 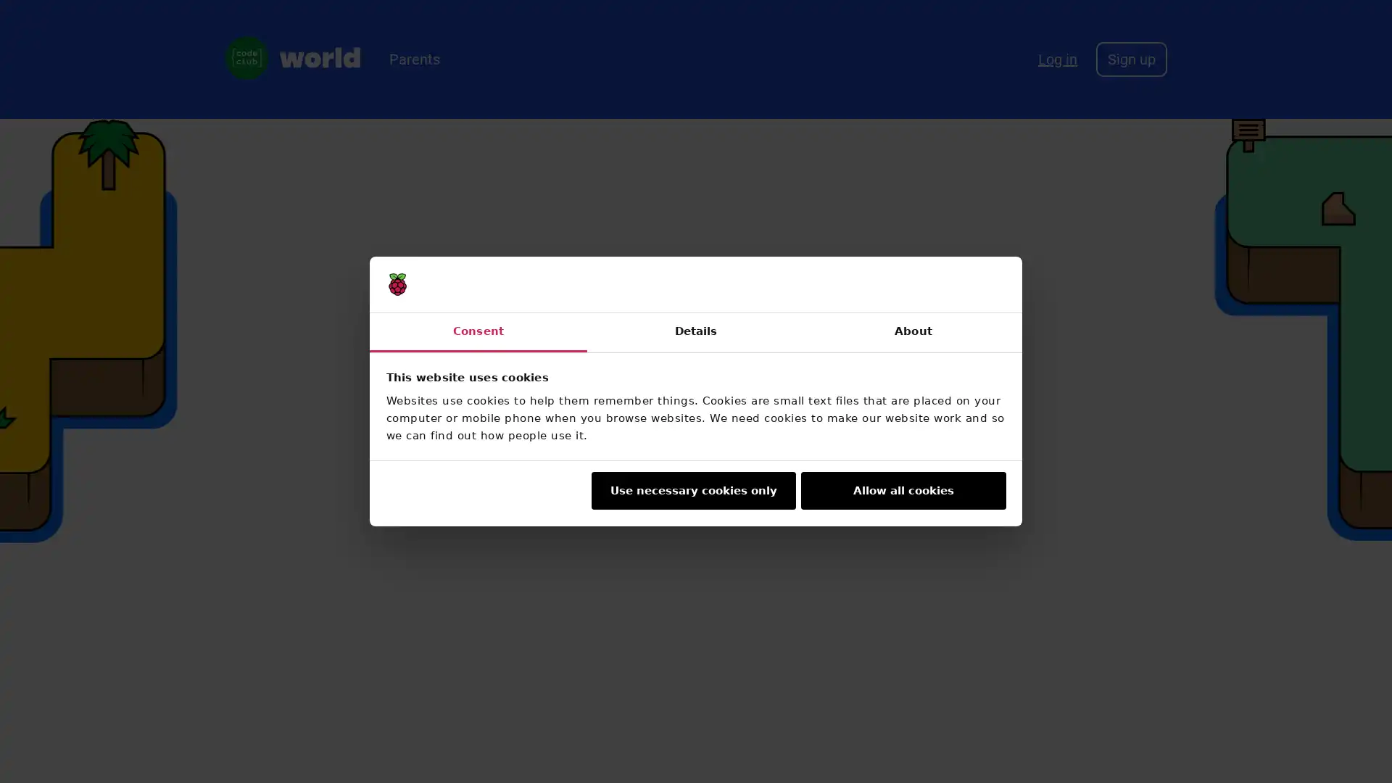 What do you see at coordinates (1130, 58) in the screenshot?
I see `Sign up` at bounding box center [1130, 58].